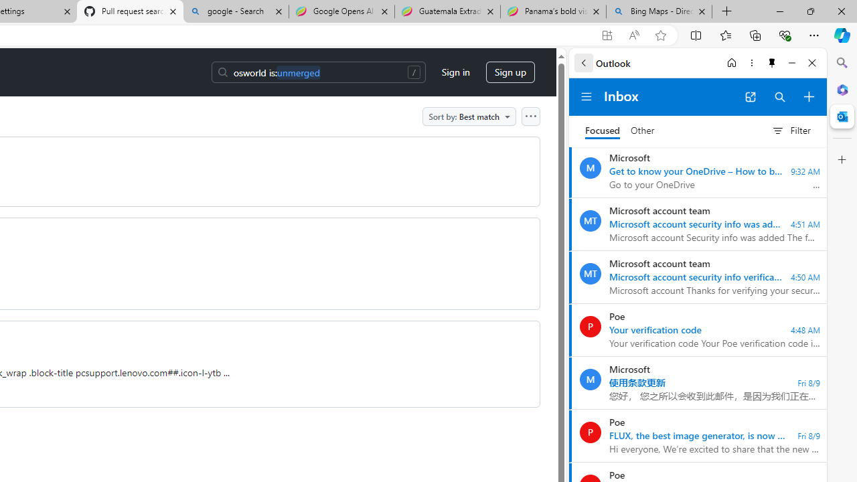 The height and width of the screenshot is (482, 857). Describe the element at coordinates (791, 131) in the screenshot. I see `'Filter'` at that location.